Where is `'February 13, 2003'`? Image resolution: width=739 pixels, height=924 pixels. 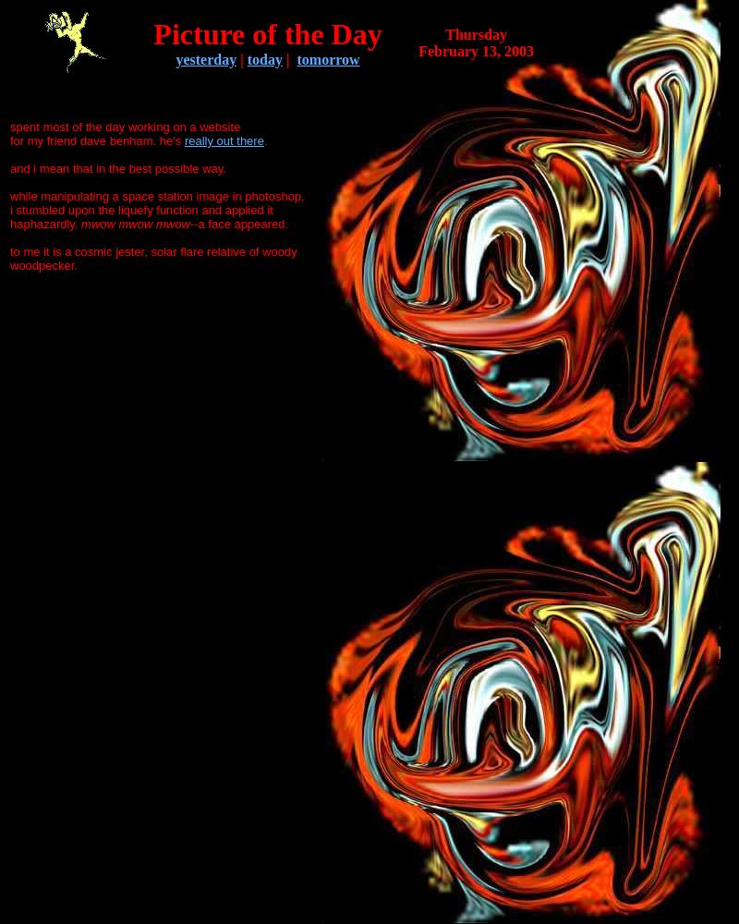 'February 13, 2003' is located at coordinates (475, 50).